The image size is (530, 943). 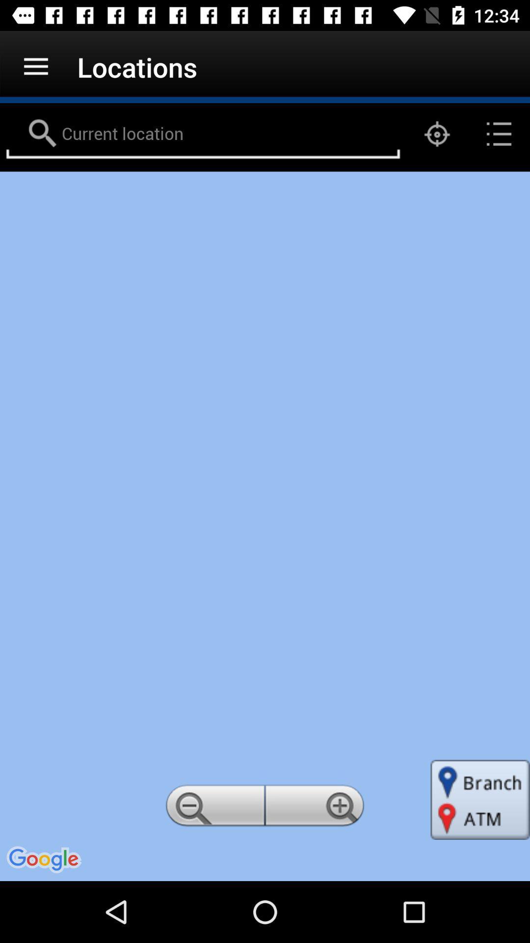 I want to click on the list icon, so click(x=499, y=134).